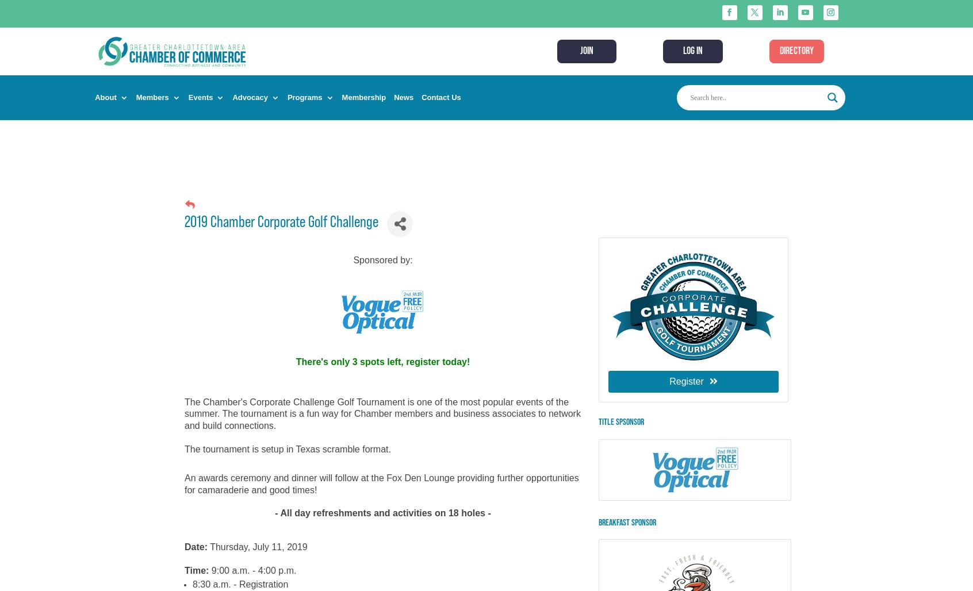 The image size is (973, 591). Describe the element at coordinates (200, 97) in the screenshot. I see `'Events'` at that location.